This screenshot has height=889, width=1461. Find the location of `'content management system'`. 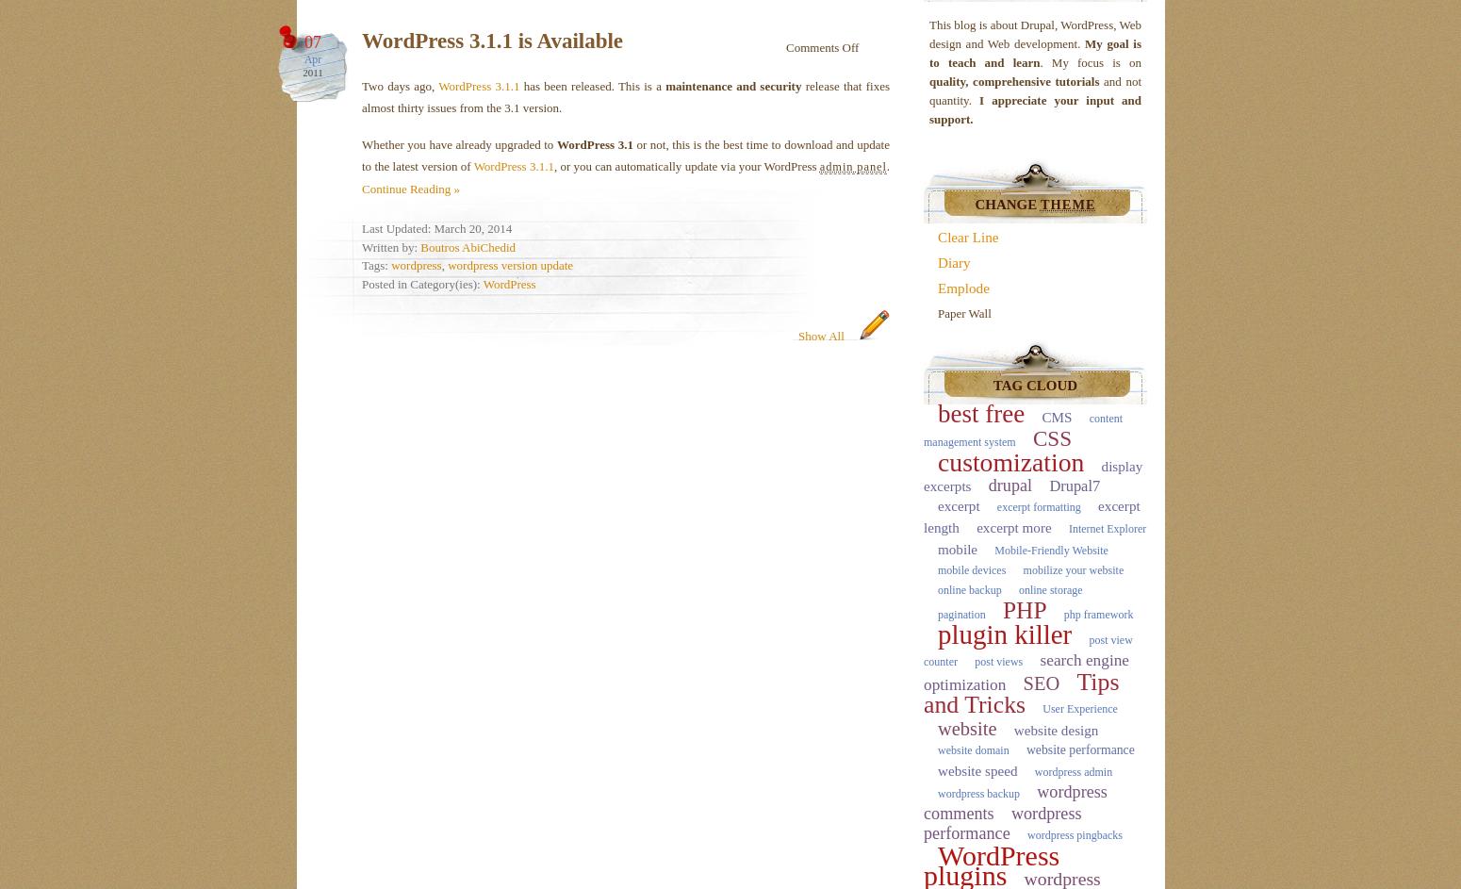

'content management system' is located at coordinates (923, 430).